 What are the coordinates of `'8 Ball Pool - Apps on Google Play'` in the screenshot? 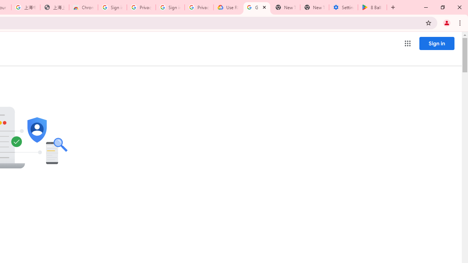 It's located at (372, 7).